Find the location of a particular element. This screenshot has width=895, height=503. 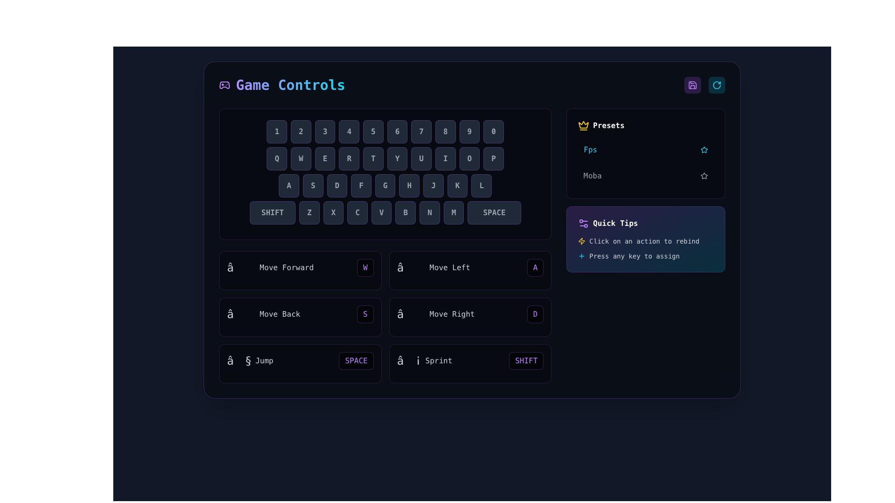

the square button with rounded corners that has a dark gray background and contains the capital letter 'V' in a bold, light gray font, located in the bottom row of the keyboard layout, between the buttons 'C' and 'B' is located at coordinates (381, 212).